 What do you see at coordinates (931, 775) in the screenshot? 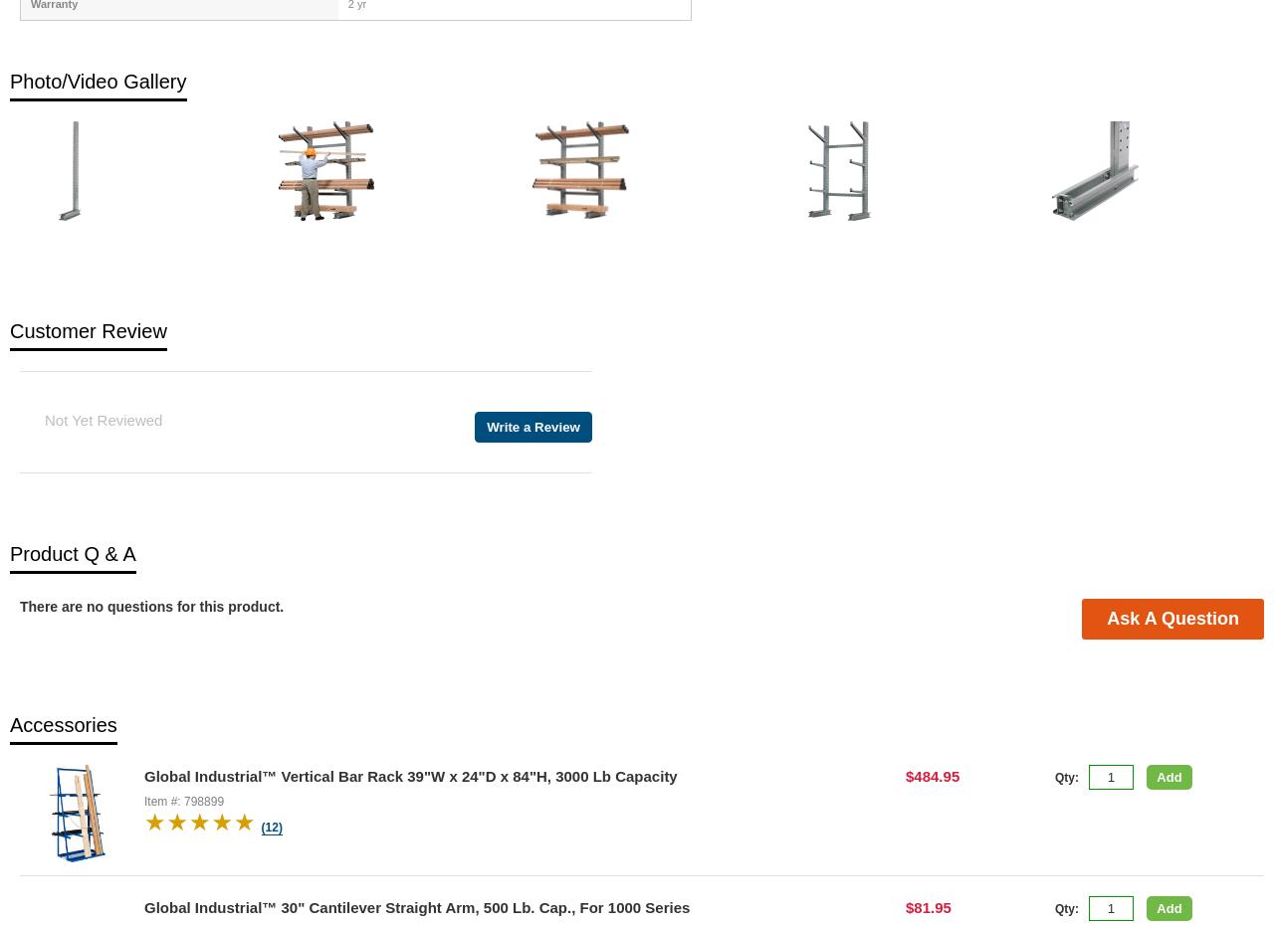
I see `'$484.95'` at bounding box center [931, 775].